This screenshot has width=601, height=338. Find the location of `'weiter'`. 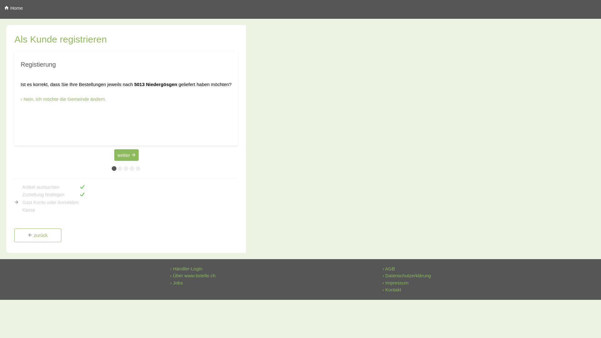

'weiter' is located at coordinates (114, 155).